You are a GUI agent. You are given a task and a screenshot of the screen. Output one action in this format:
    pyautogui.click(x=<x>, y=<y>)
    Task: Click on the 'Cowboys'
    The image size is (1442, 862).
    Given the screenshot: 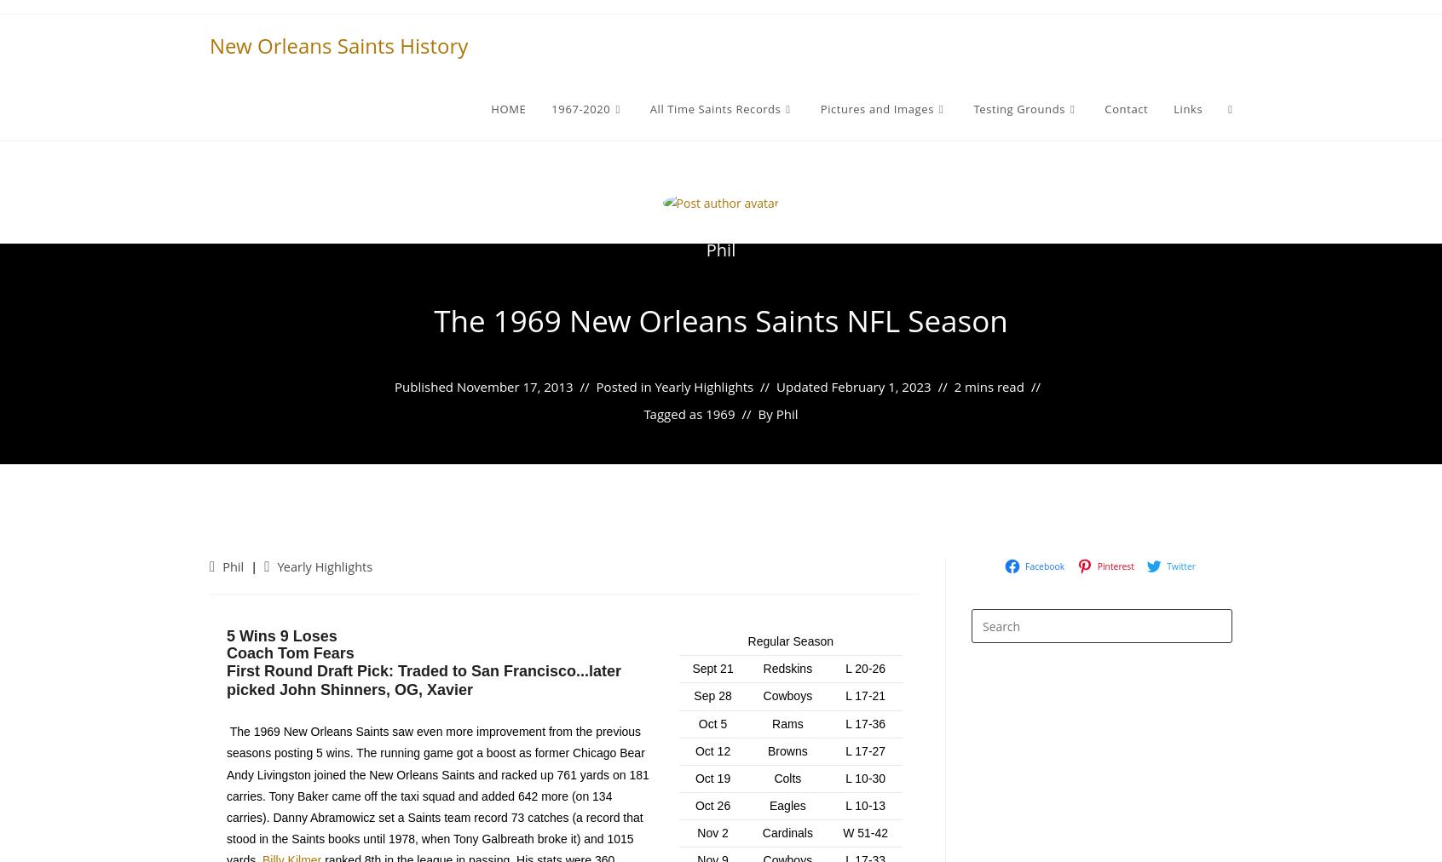 What is the action you would take?
    pyautogui.click(x=787, y=694)
    